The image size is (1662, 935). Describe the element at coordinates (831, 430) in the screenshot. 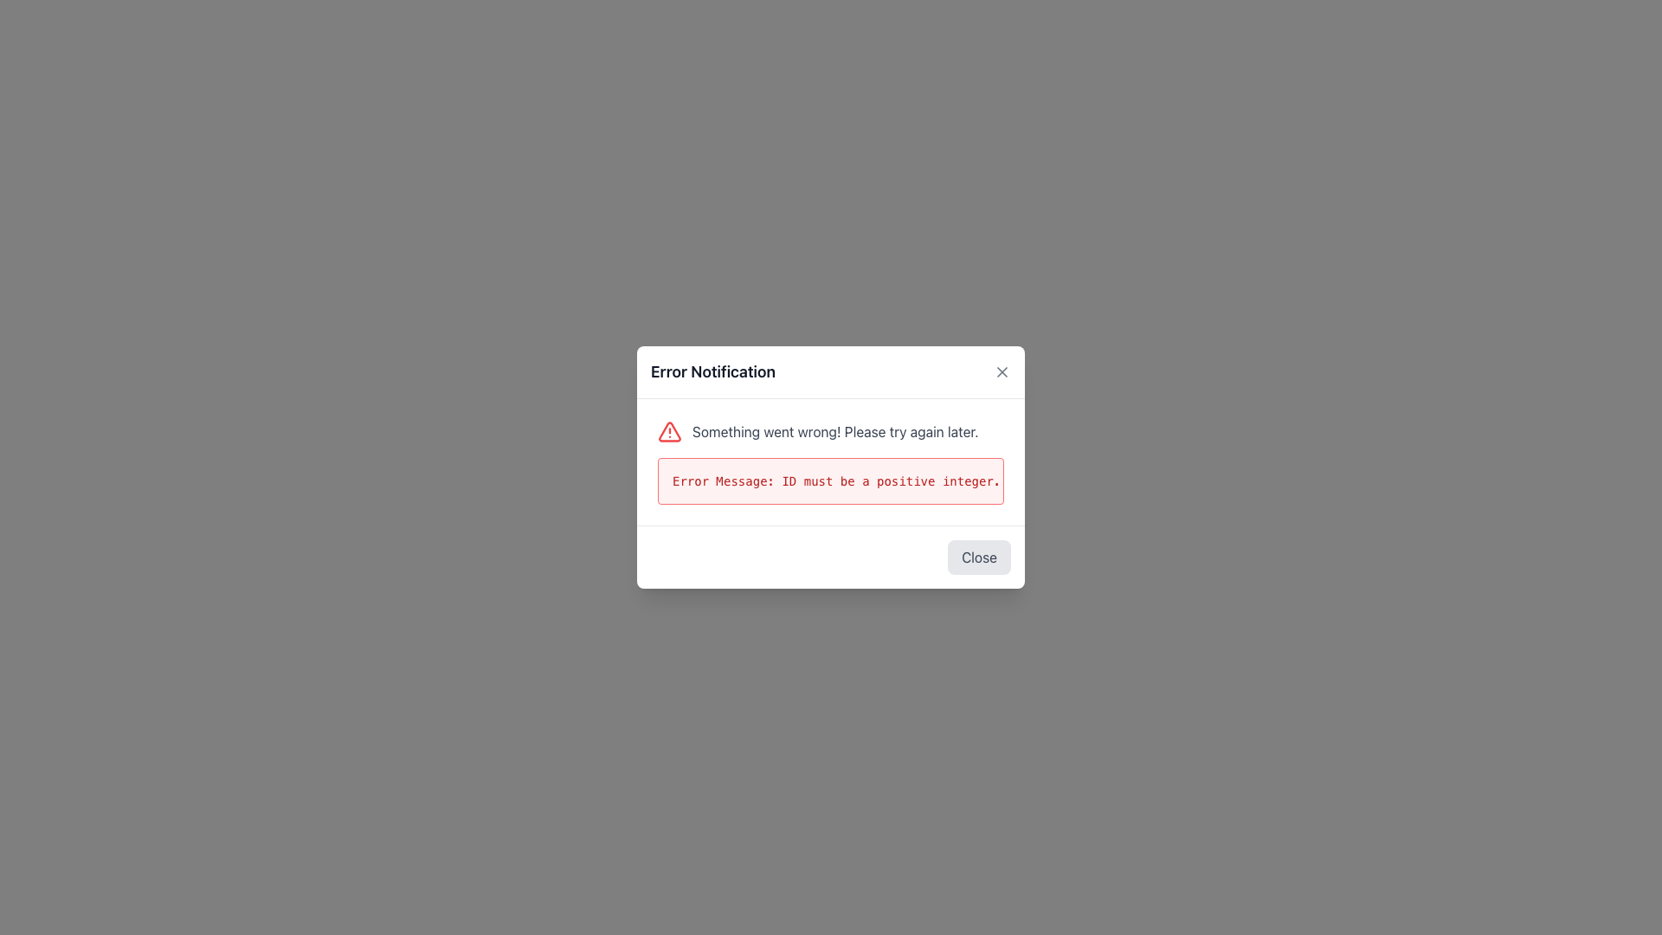

I see `the 'Something went wrong! Please try again later.' notification which includes a red triangular alert icon by performing further actions` at that location.